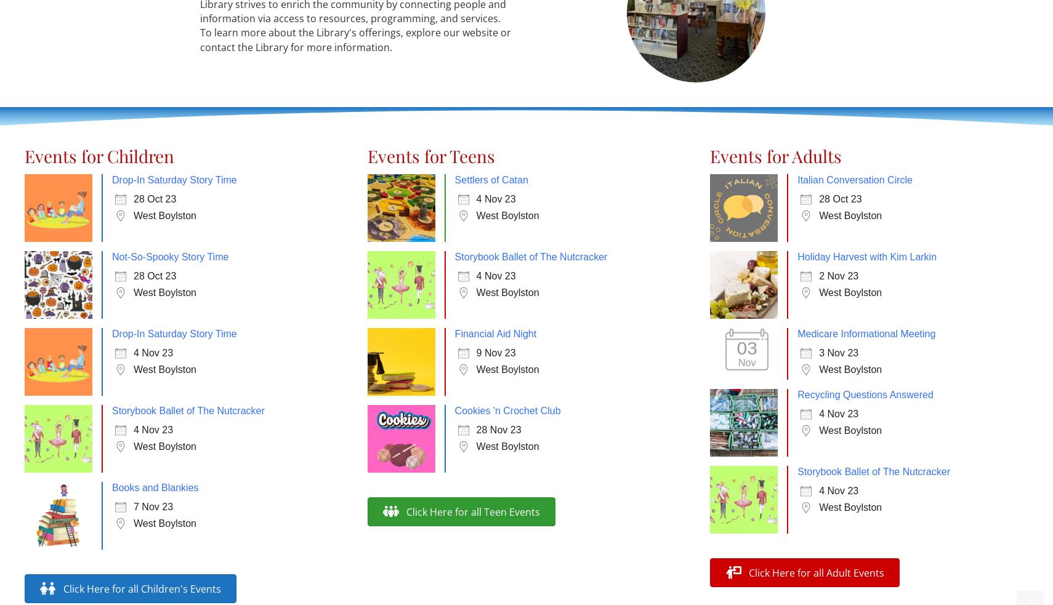 The width and height of the screenshot is (1053, 605). I want to click on 'Events for Children', so click(24, 156).